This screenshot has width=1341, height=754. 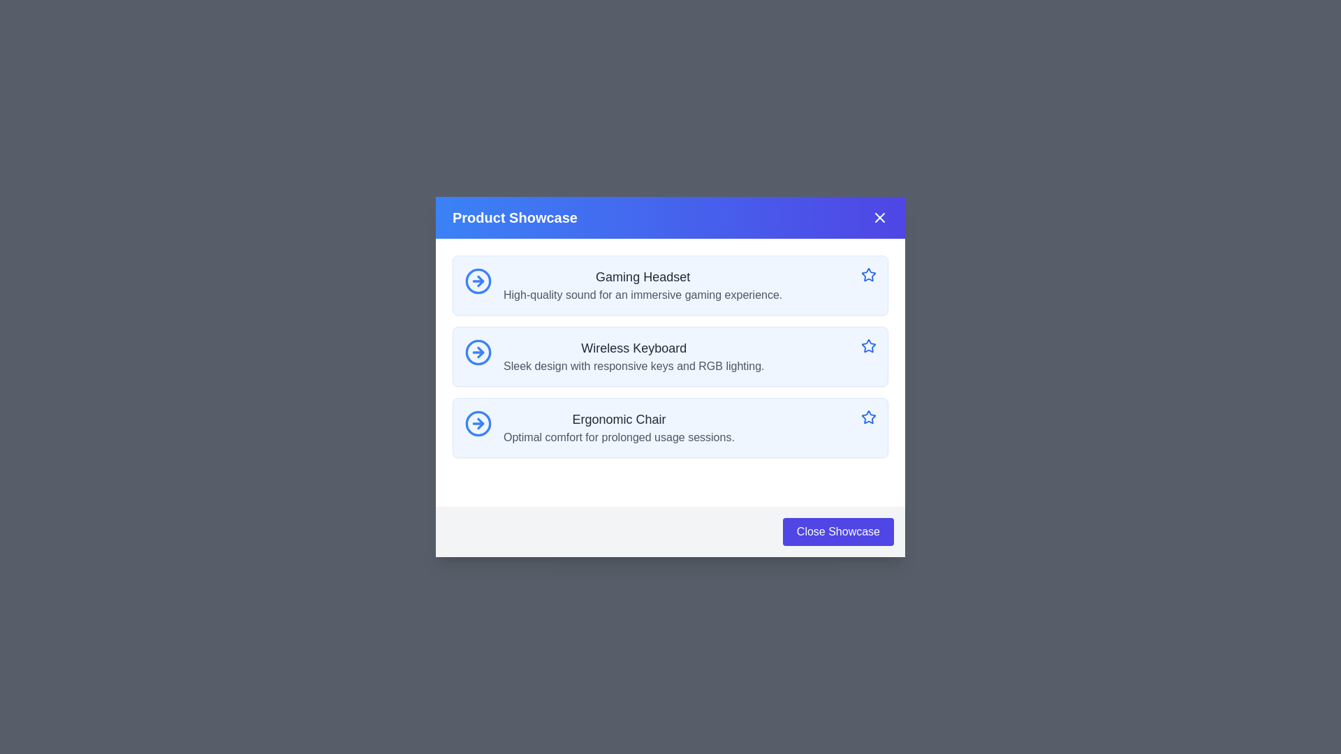 I want to click on the Text information display for the product titled 'Wireless Keyboard', which is the second item in a vertical list within a modal, centrally positioned, so click(x=633, y=355).